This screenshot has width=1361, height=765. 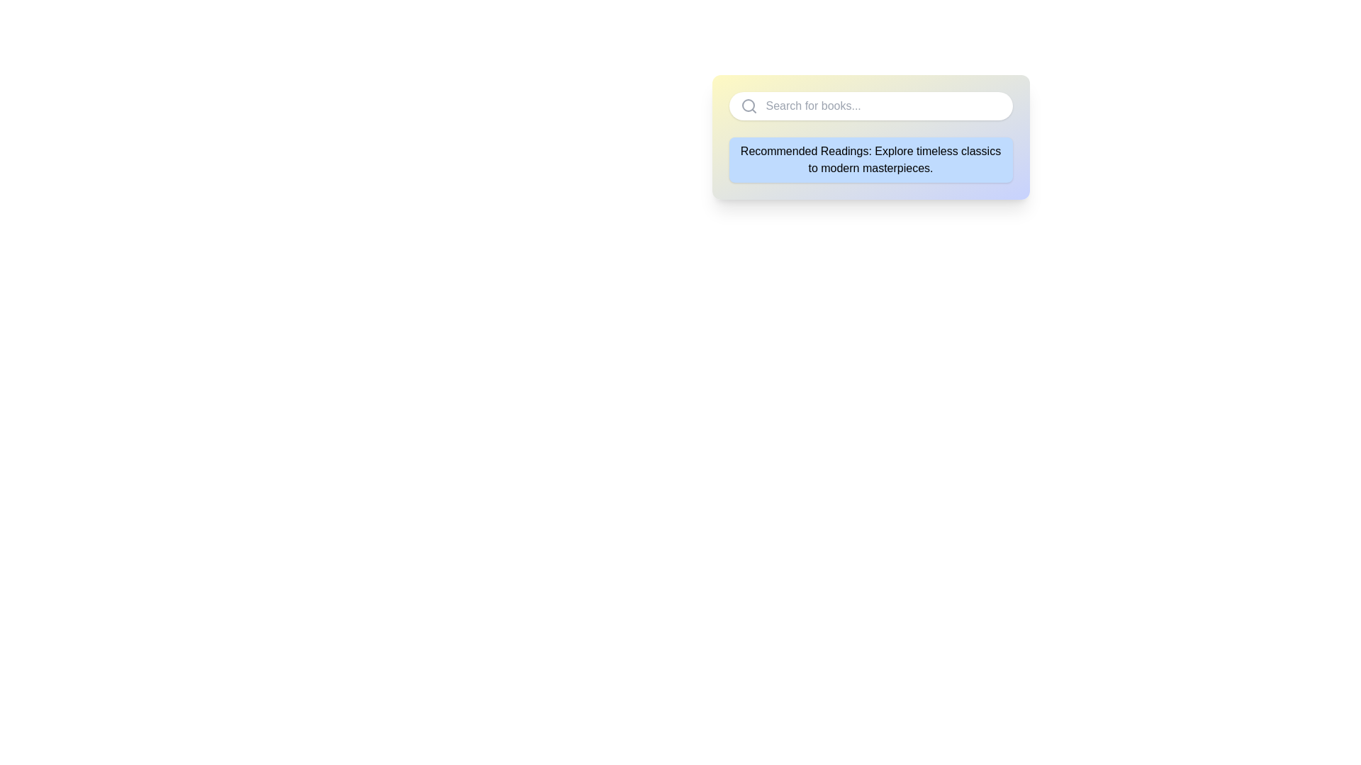 What do you see at coordinates (870, 159) in the screenshot?
I see `the static text label with light blue background reading 'Recommended Readings: Explore timeless classics to modern masterpieces.'` at bounding box center [870, 159].